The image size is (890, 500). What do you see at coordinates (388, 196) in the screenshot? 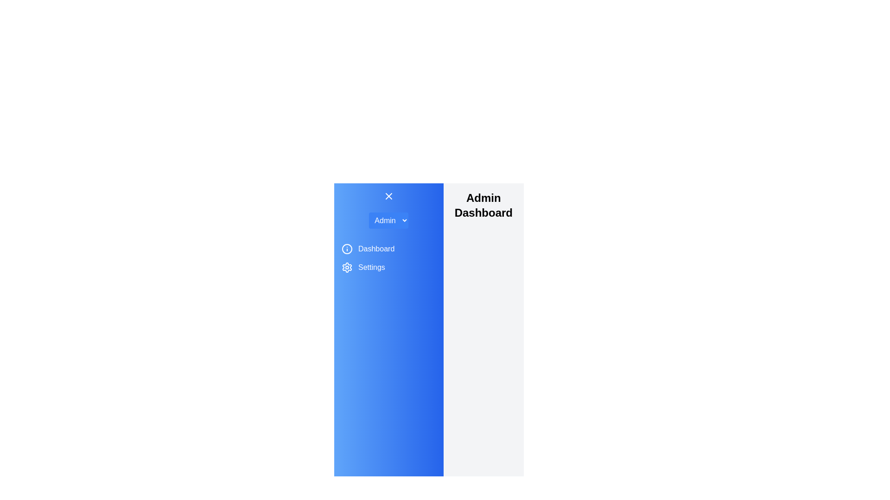
I see `the toggle button to change the drawer state` at bounding box center [388, 196].